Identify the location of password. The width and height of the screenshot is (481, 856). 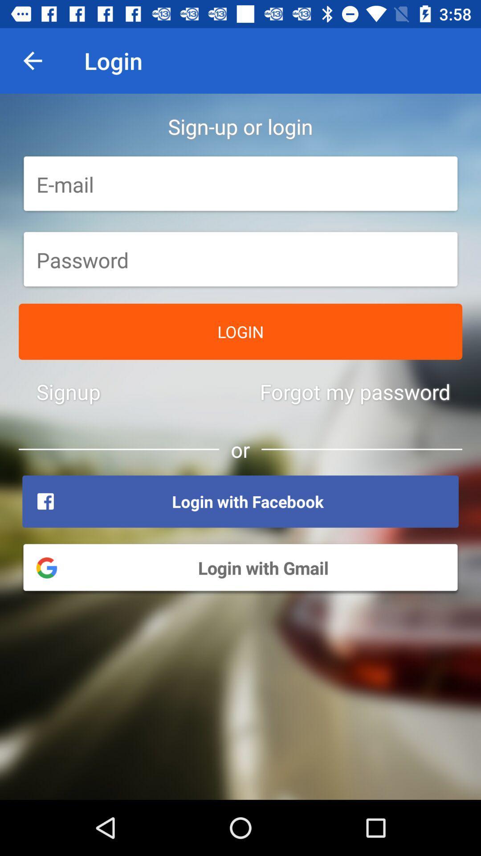
(240, 259).